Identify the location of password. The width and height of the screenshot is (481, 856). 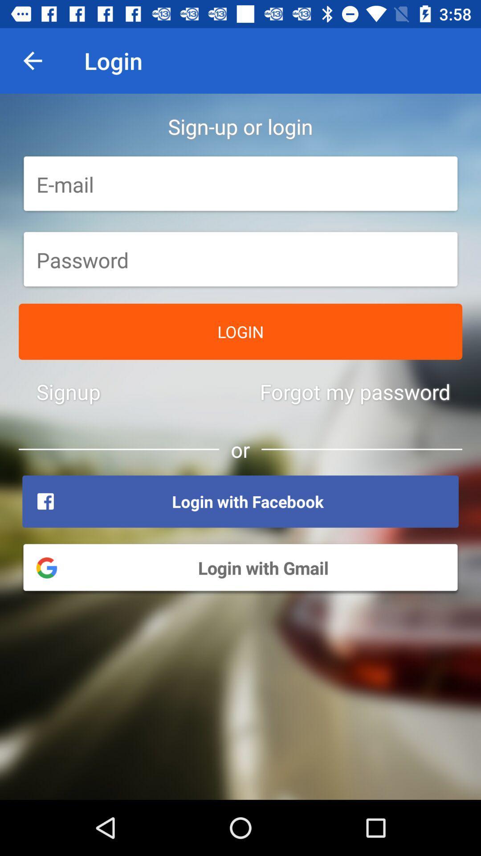
(240, 259).